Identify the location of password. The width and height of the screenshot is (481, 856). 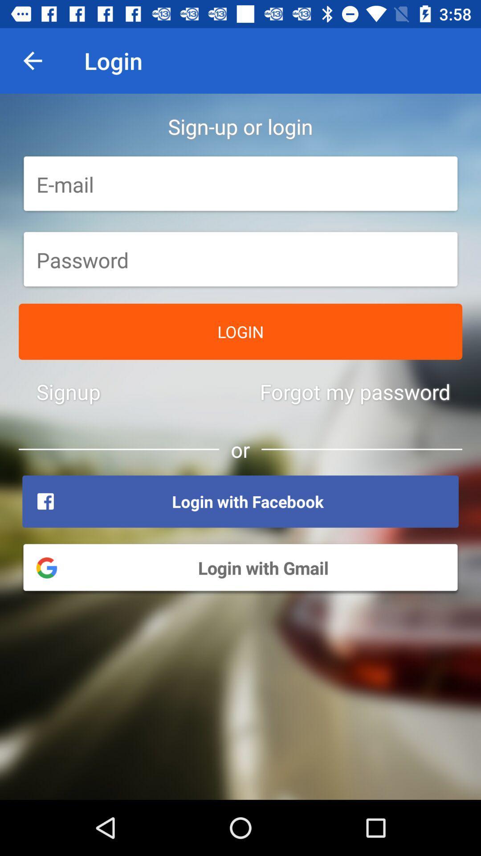
(240, 259).